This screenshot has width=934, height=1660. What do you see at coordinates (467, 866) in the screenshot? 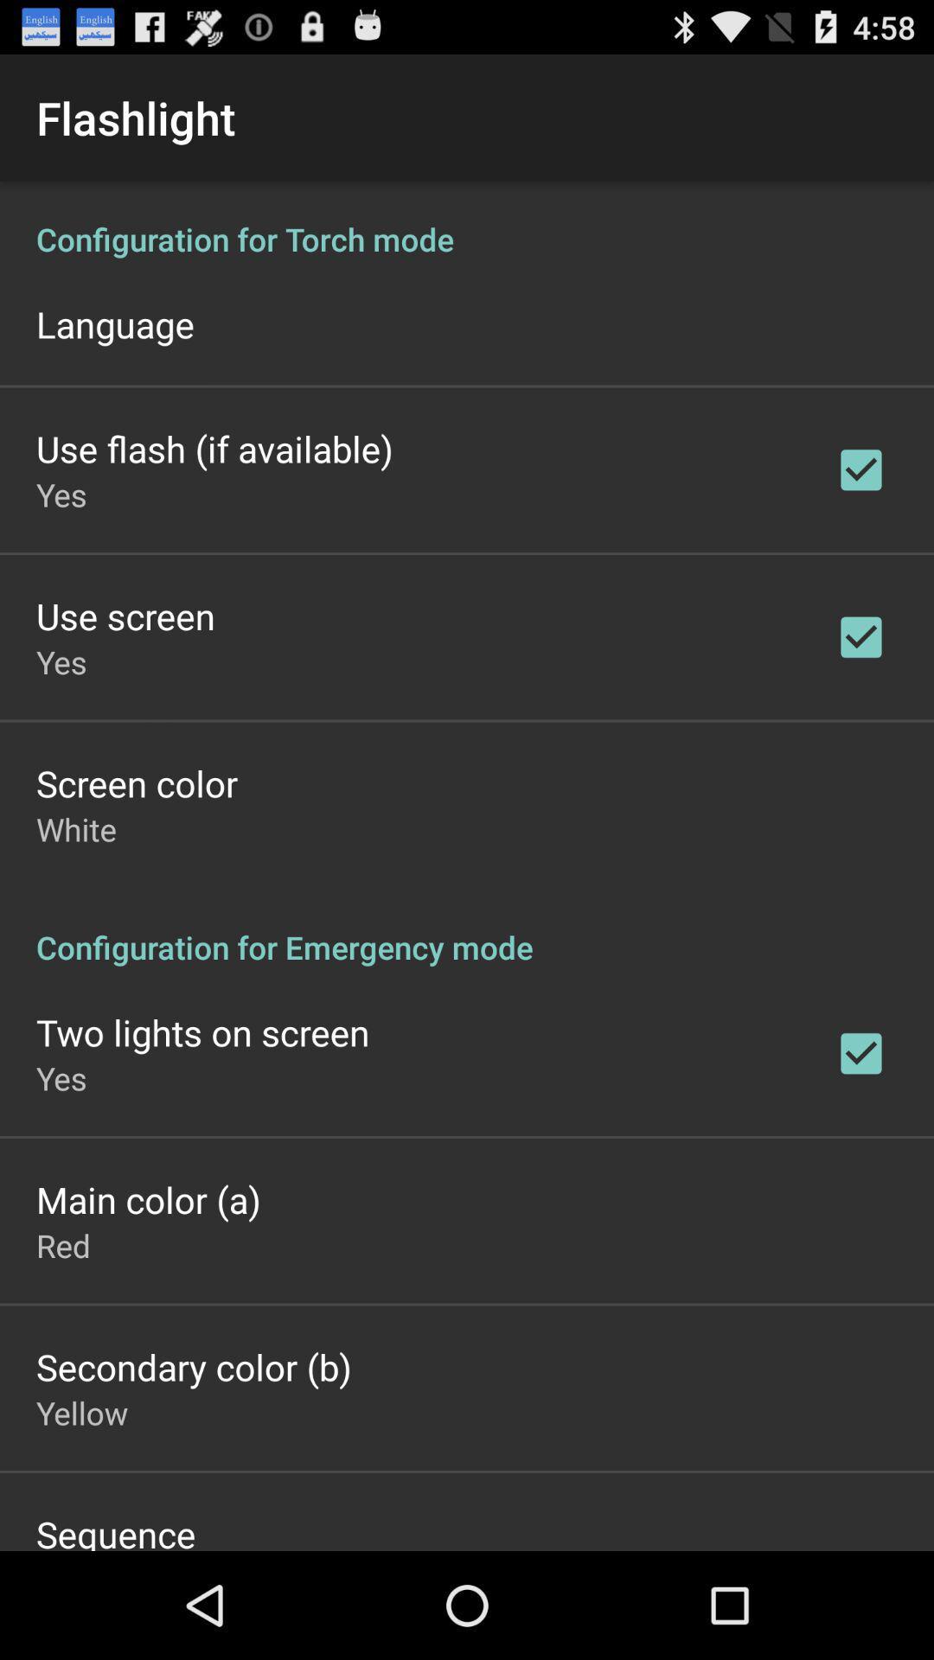
I see `flash on` at bounding box center [467, 866].